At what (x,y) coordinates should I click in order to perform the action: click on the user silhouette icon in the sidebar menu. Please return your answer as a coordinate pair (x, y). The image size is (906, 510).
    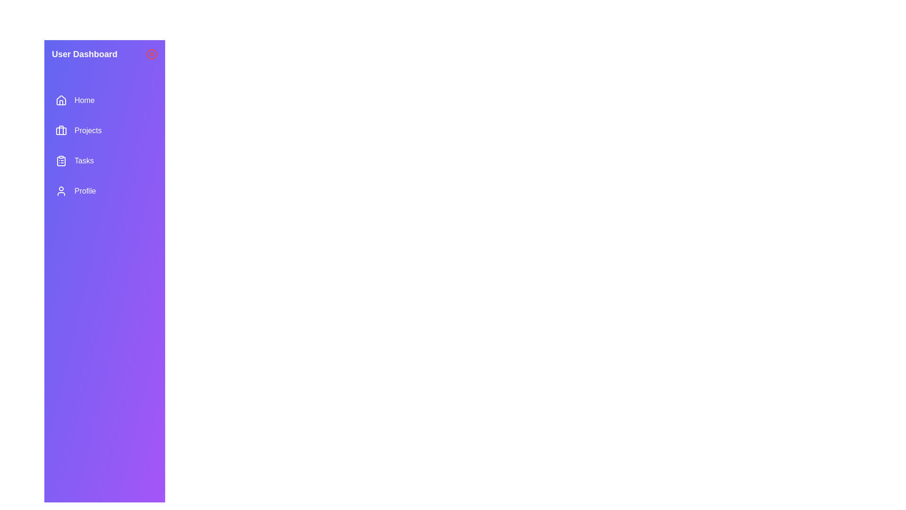
    Looking at the image, I should click on (60, 191).